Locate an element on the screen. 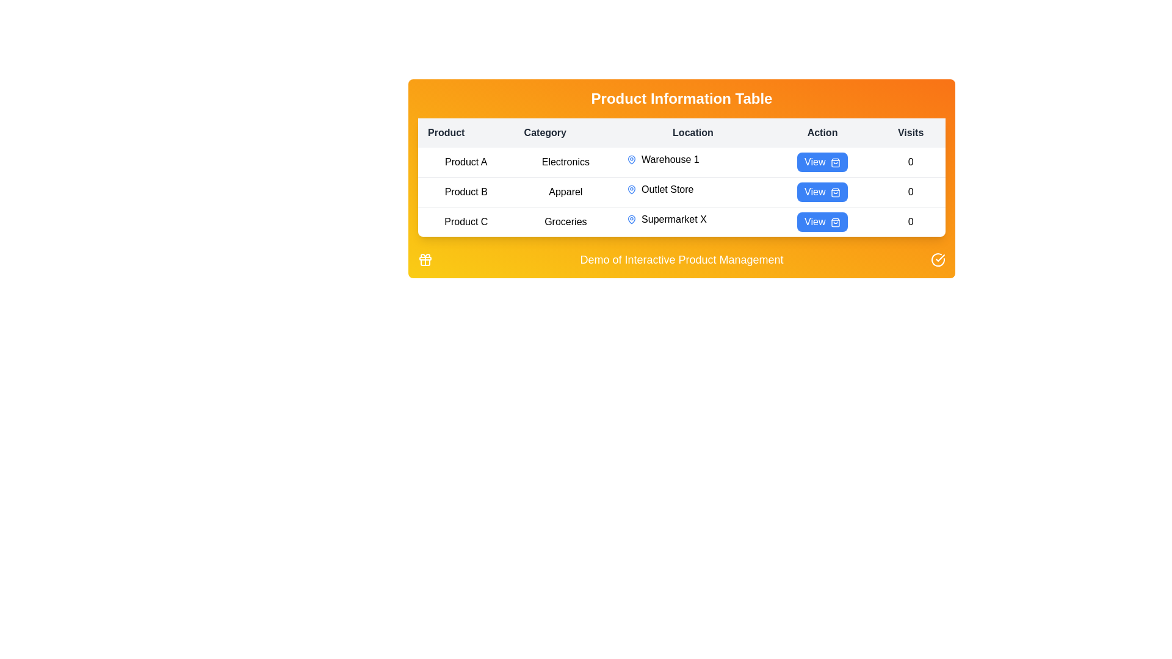  the small rectangular shopping bag icon located in the 'Action' column next to the 'View' button for 'Product A' is located at coordinates (834, 162).